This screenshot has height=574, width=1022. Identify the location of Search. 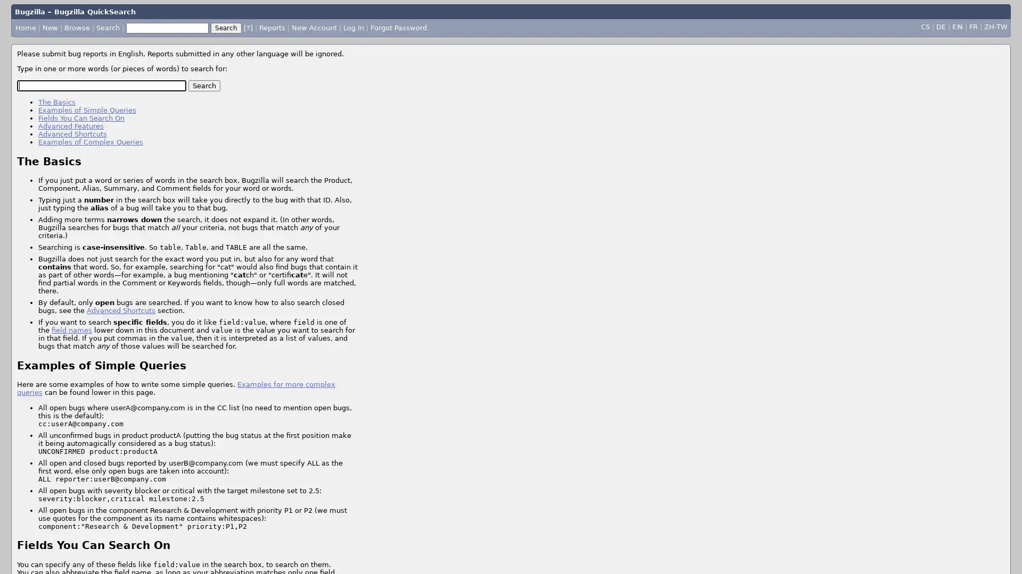
(225, 27).